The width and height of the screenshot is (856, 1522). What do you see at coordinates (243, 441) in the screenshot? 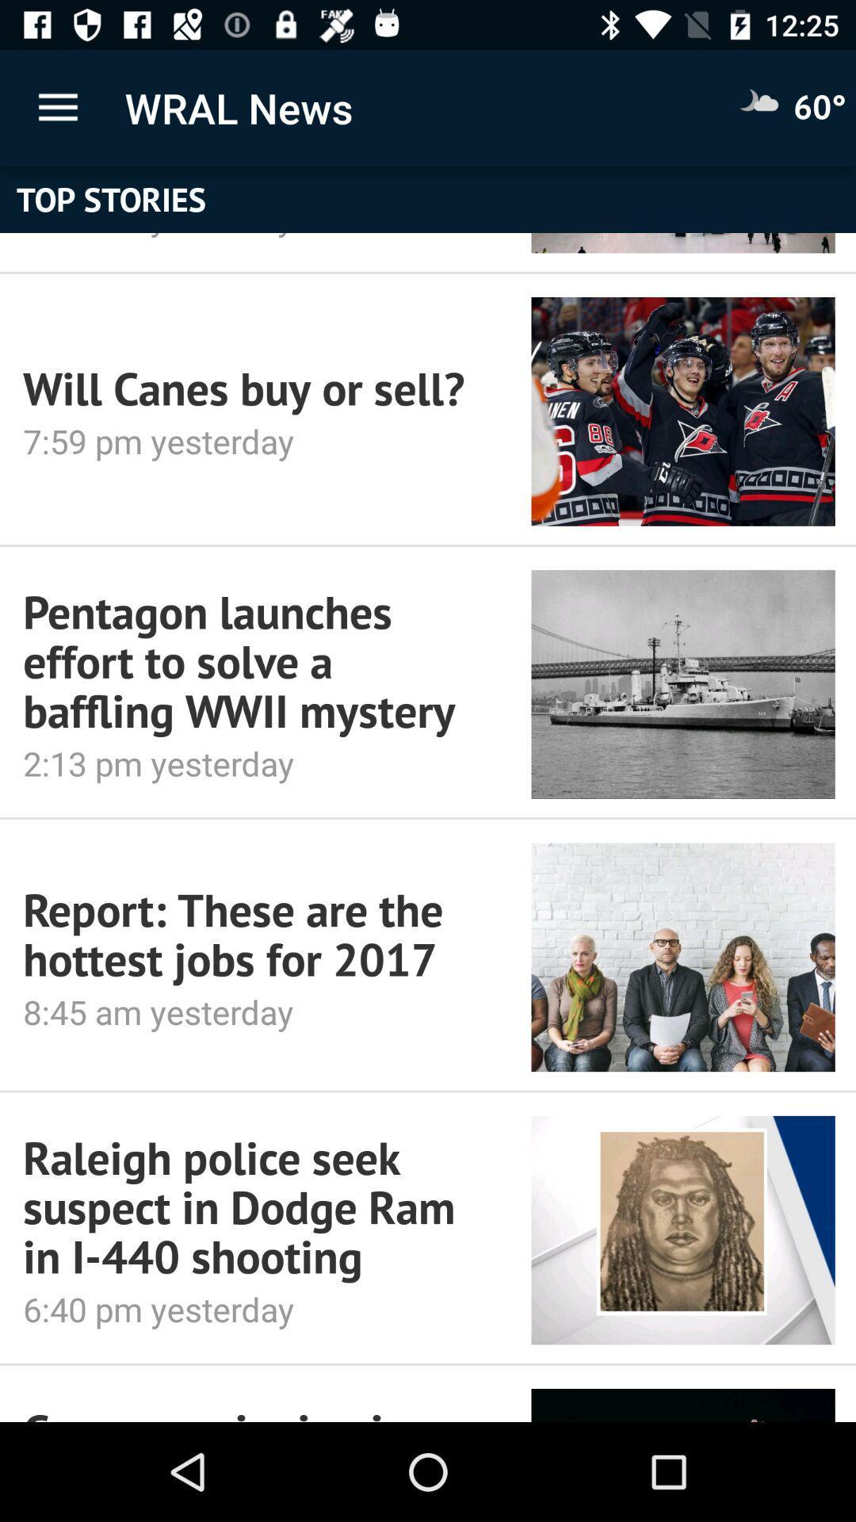
I see `7 59 pm` at bounding box center [243, 441].